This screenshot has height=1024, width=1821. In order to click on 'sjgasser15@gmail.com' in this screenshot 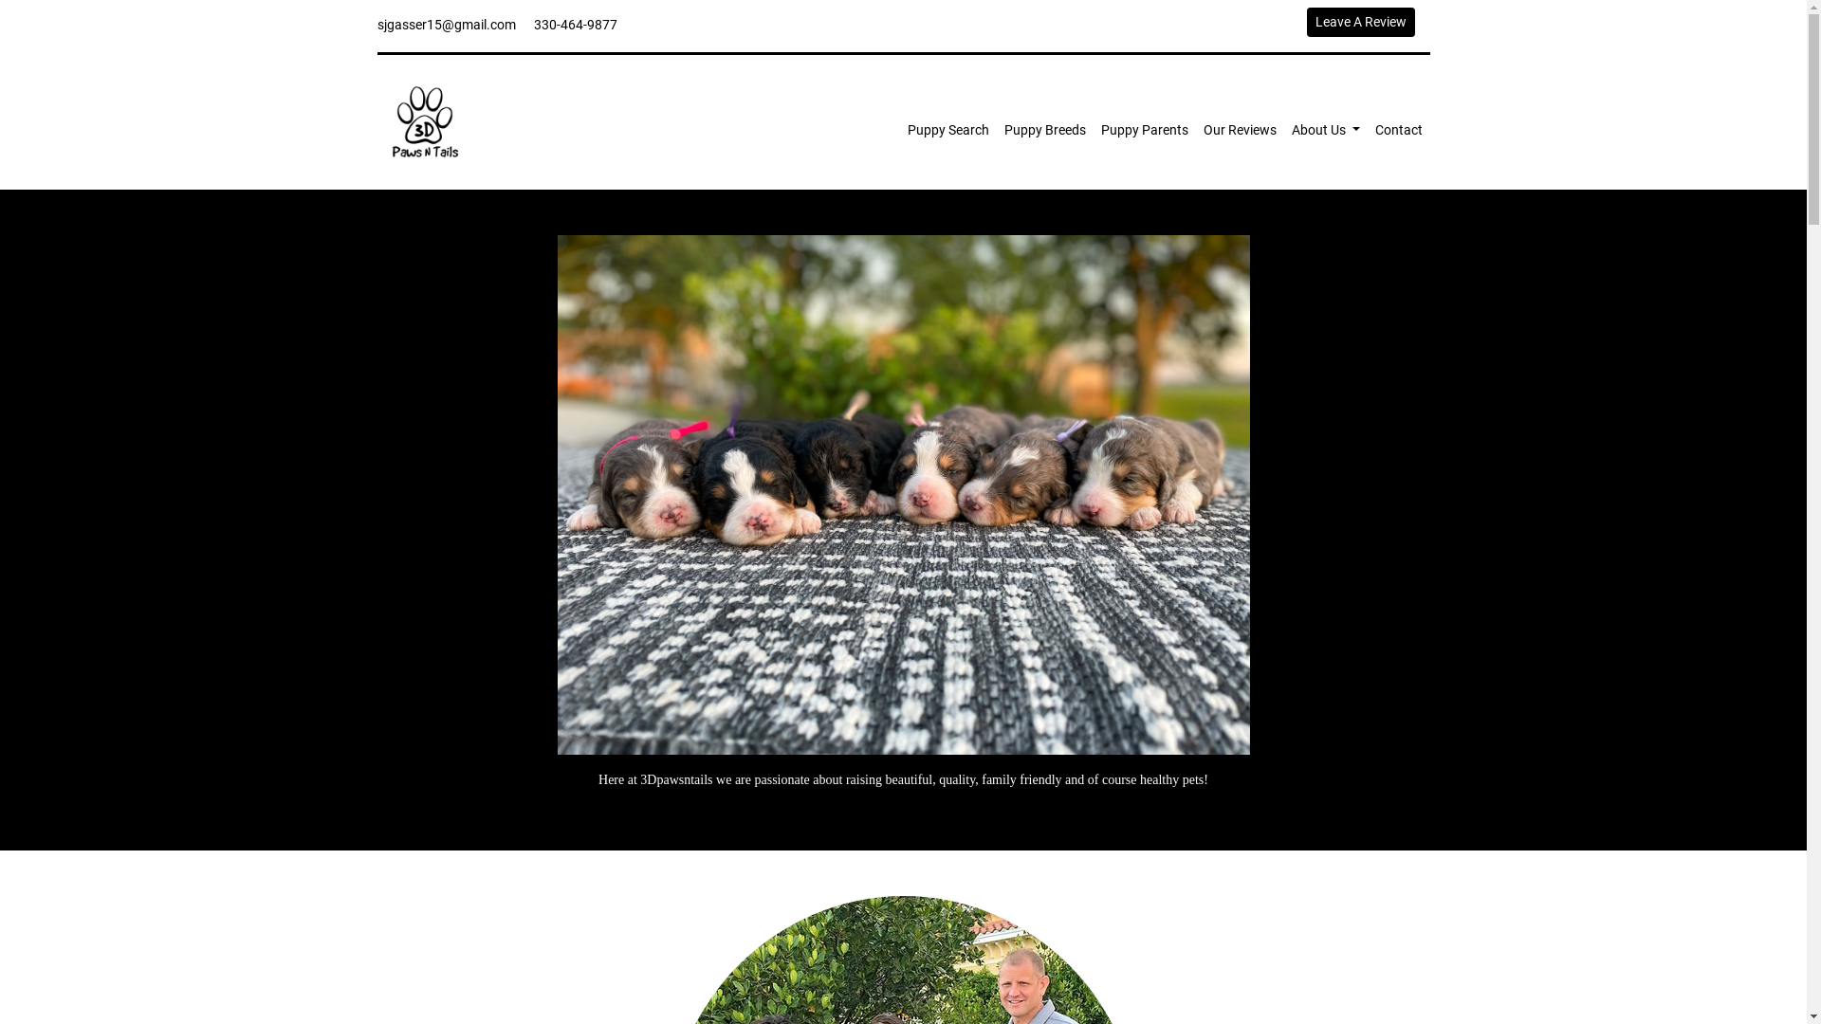, I will do `click(445, 25)`.